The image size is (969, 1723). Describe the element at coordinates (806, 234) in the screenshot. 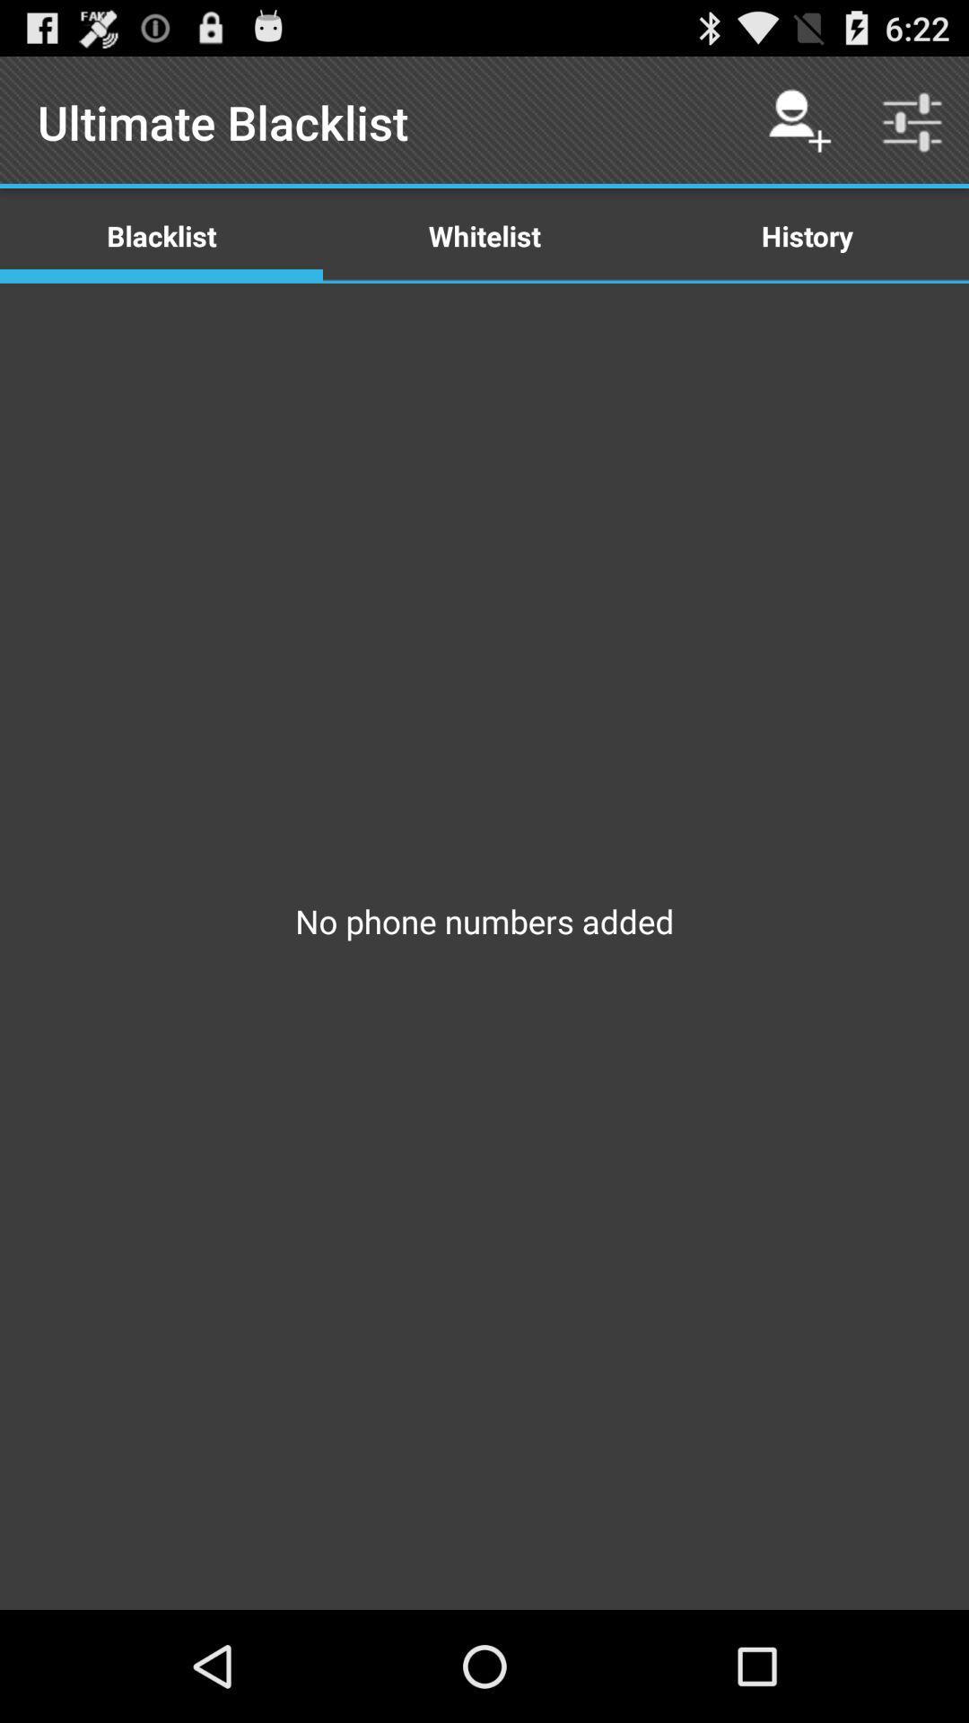

I see `icon to the right of the whitelist icon` at that location.